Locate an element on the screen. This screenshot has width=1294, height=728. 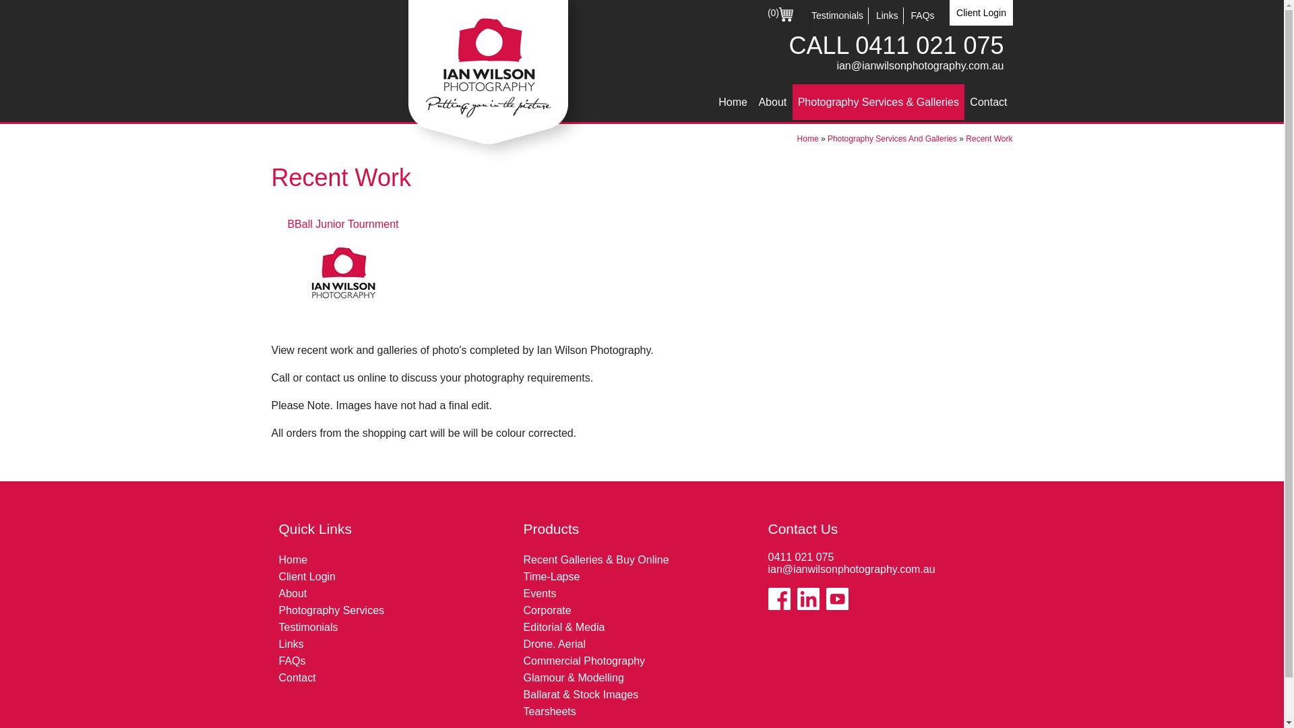
'Recent Galleries & Buy Online' is located at coordinates (522, 559).